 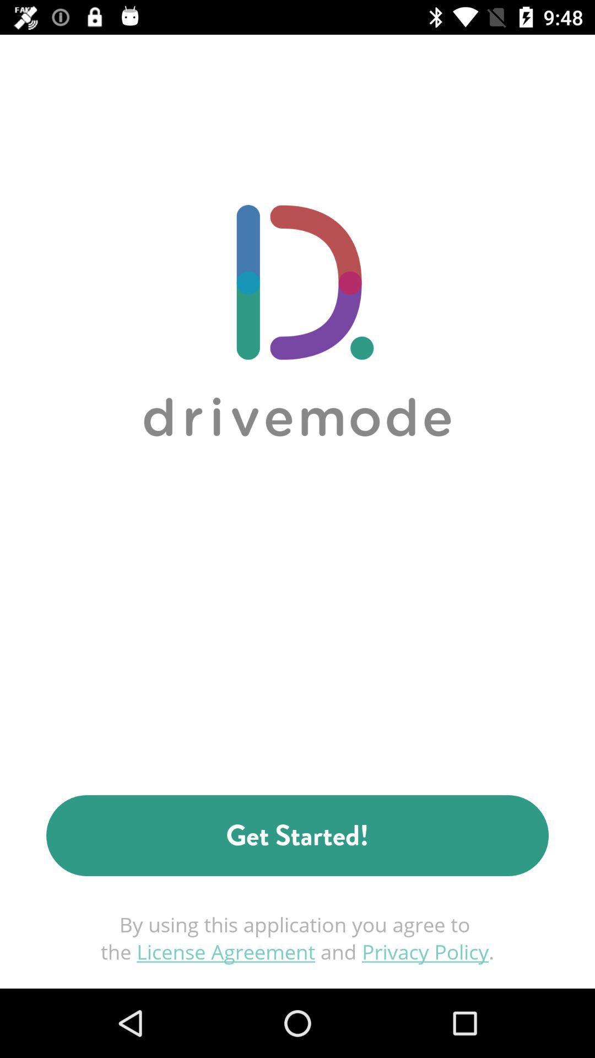 What do you see at coordinates (297, 835) in the screenshot?
I see `item above by using this` at bounding box center [297, 835].